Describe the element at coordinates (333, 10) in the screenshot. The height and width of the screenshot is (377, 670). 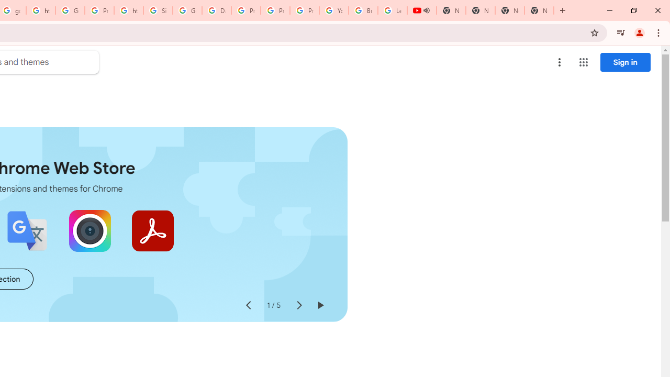
I see `'YouTube'` at that location.